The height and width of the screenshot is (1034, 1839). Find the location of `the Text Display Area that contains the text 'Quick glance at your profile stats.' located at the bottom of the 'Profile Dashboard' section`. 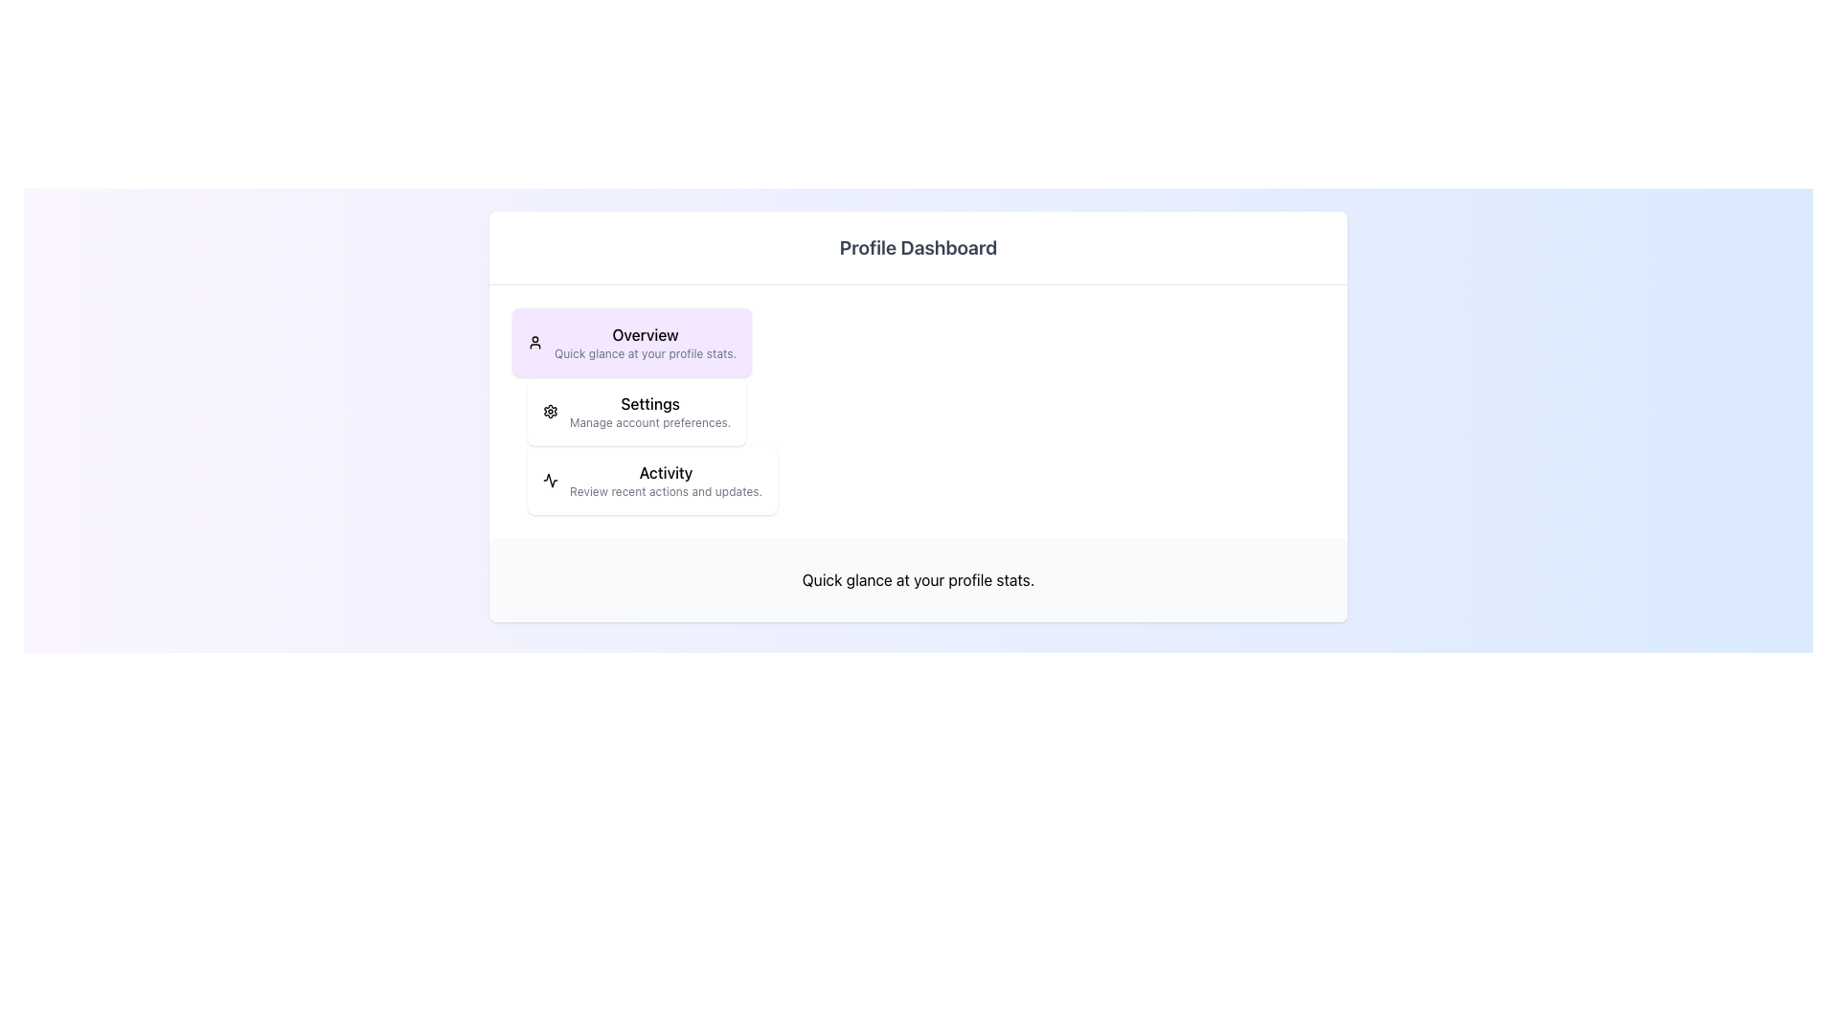

the Text Display Area that contains the text 'Quick glance at your profile stats.' located at the bottom of the 'Profile Dashboard' section is located at coordinates (918, 578).